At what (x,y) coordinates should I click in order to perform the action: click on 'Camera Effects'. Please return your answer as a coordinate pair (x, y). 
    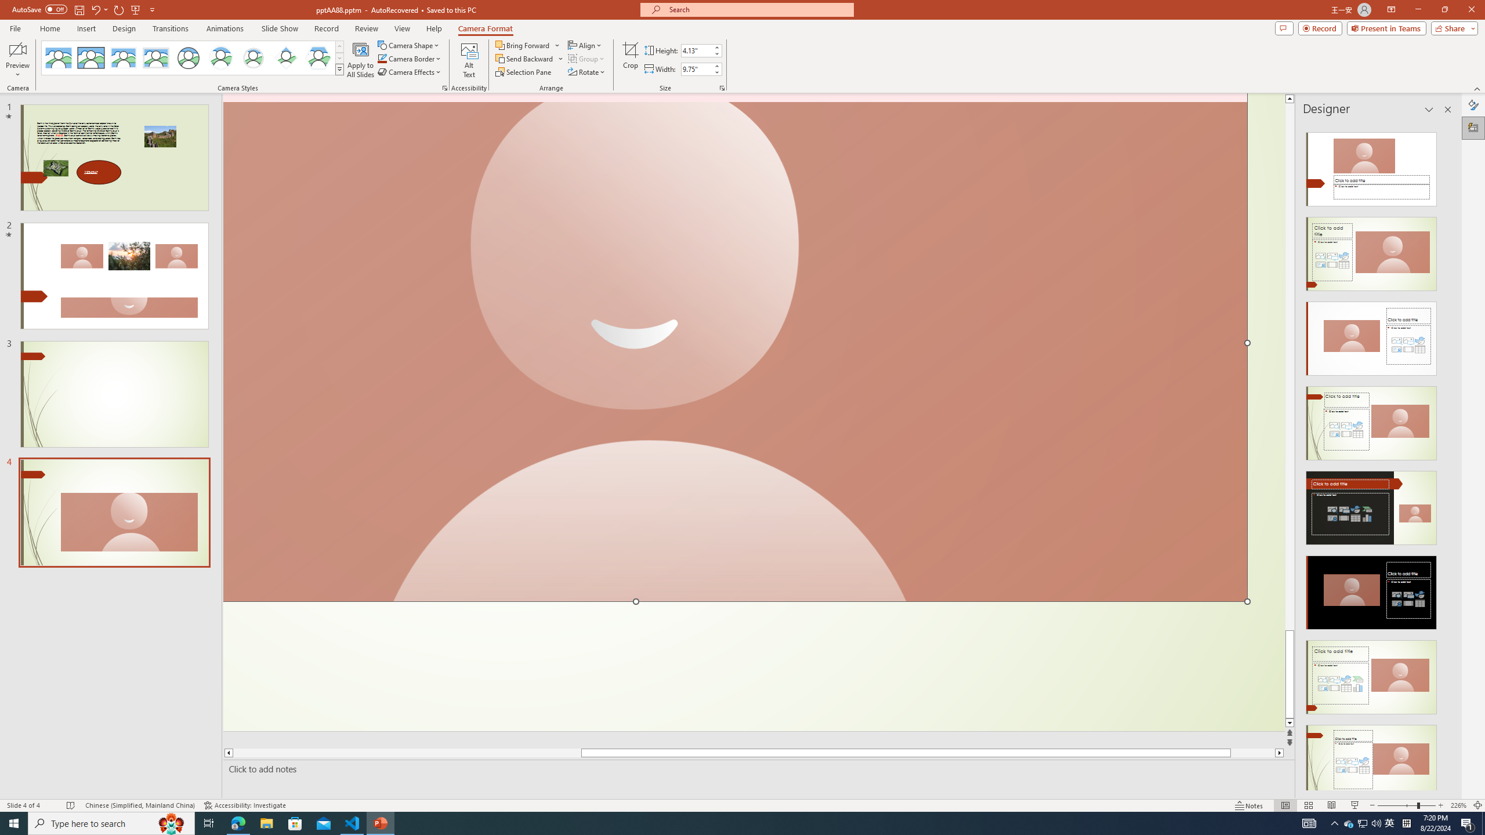
    Looking at the image, I should click on (410, 71).